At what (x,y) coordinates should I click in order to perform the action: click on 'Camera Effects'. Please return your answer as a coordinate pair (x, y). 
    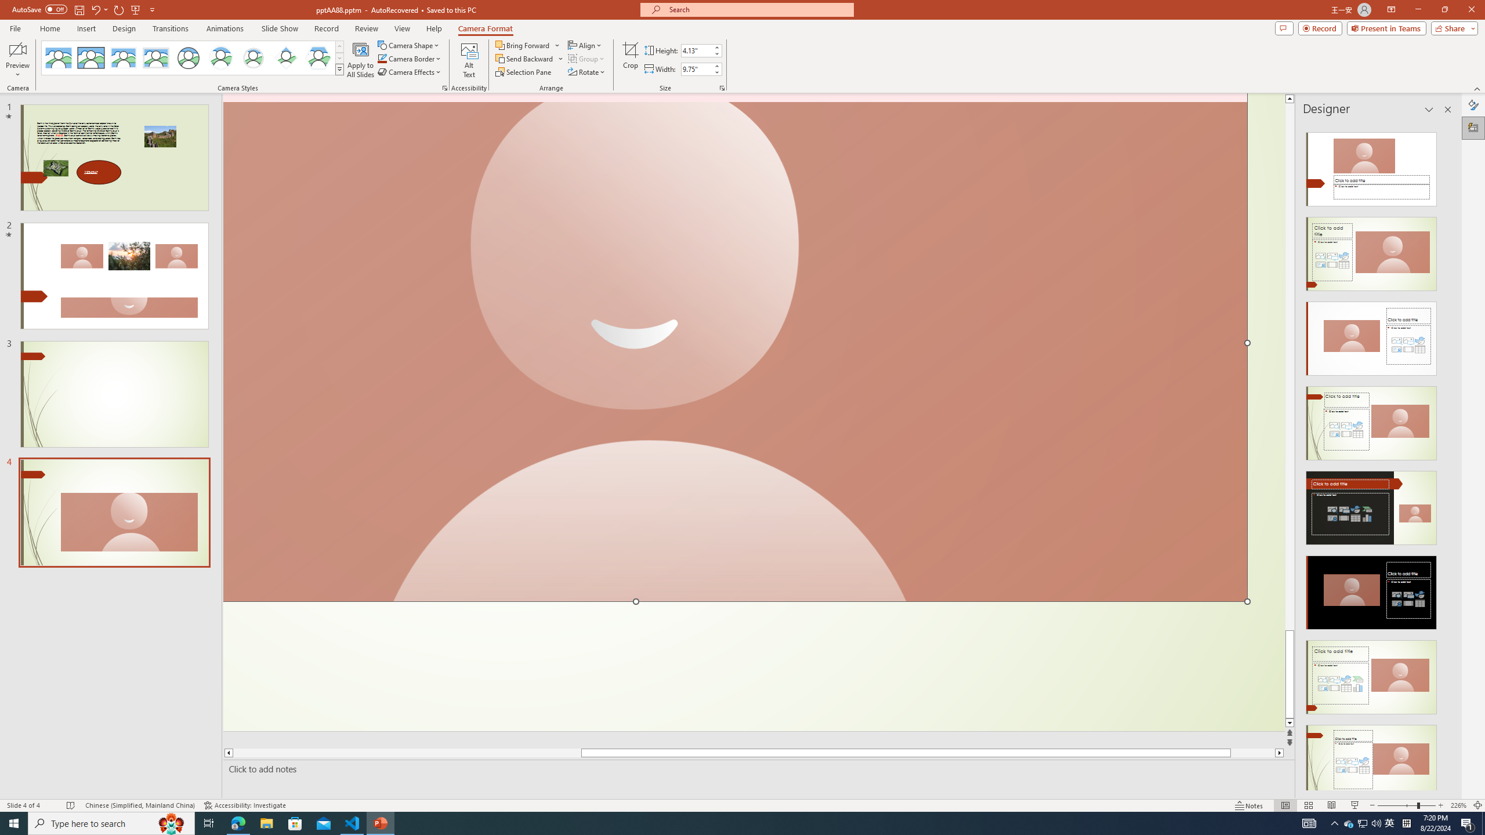
    Looking at the image, I should click on (410, 71).